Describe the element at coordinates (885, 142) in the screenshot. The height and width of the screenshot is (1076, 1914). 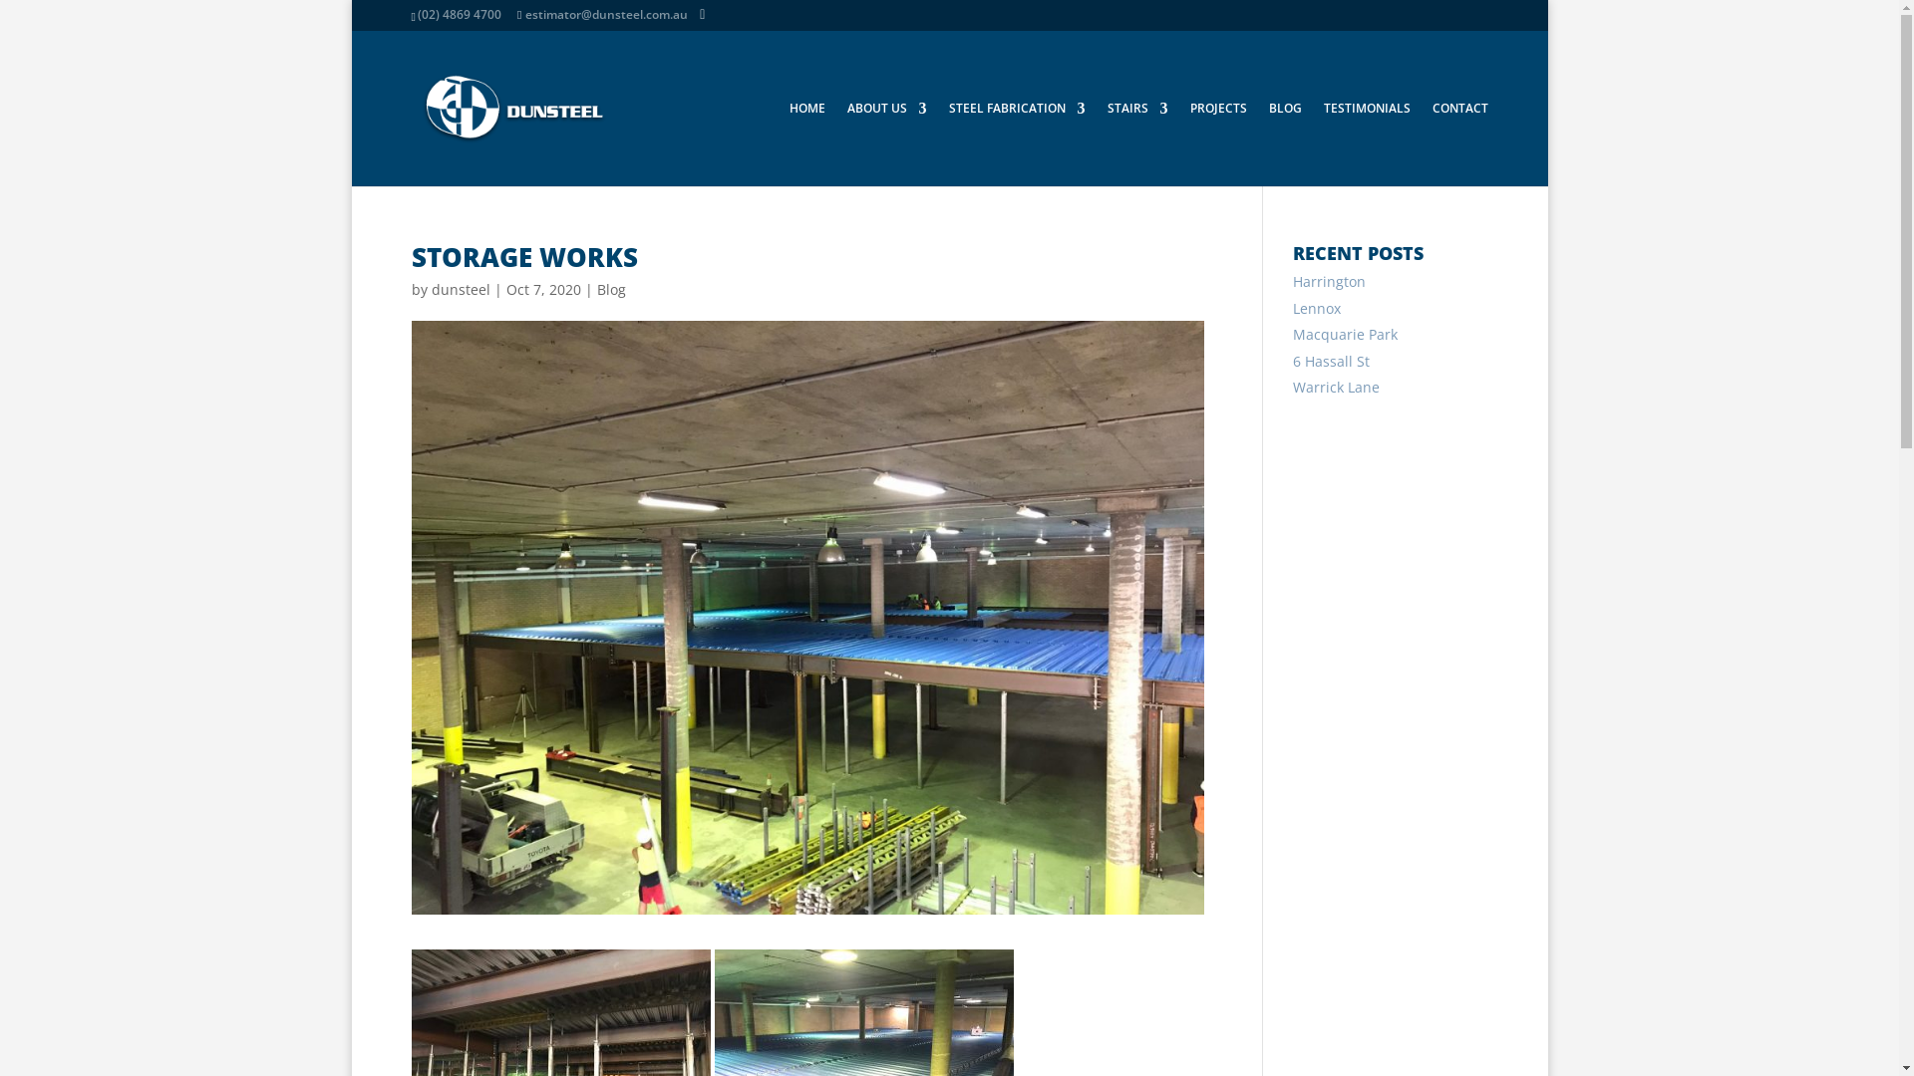
I see `'ABOUT US'` at that location.